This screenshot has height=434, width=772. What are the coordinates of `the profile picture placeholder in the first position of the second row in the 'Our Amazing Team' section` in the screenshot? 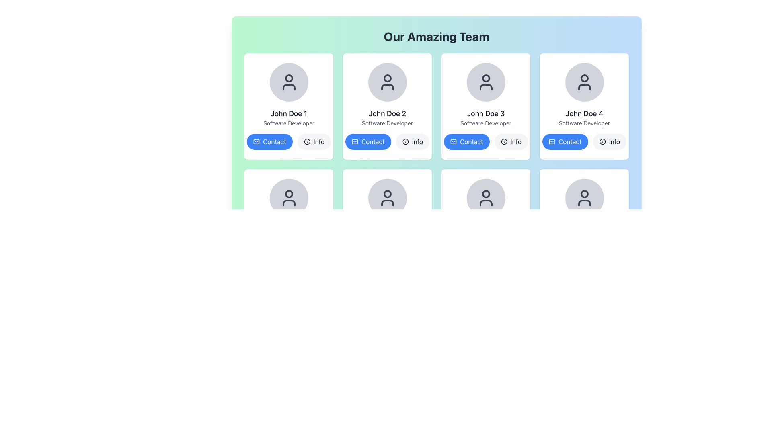 It's located at (289, 198).